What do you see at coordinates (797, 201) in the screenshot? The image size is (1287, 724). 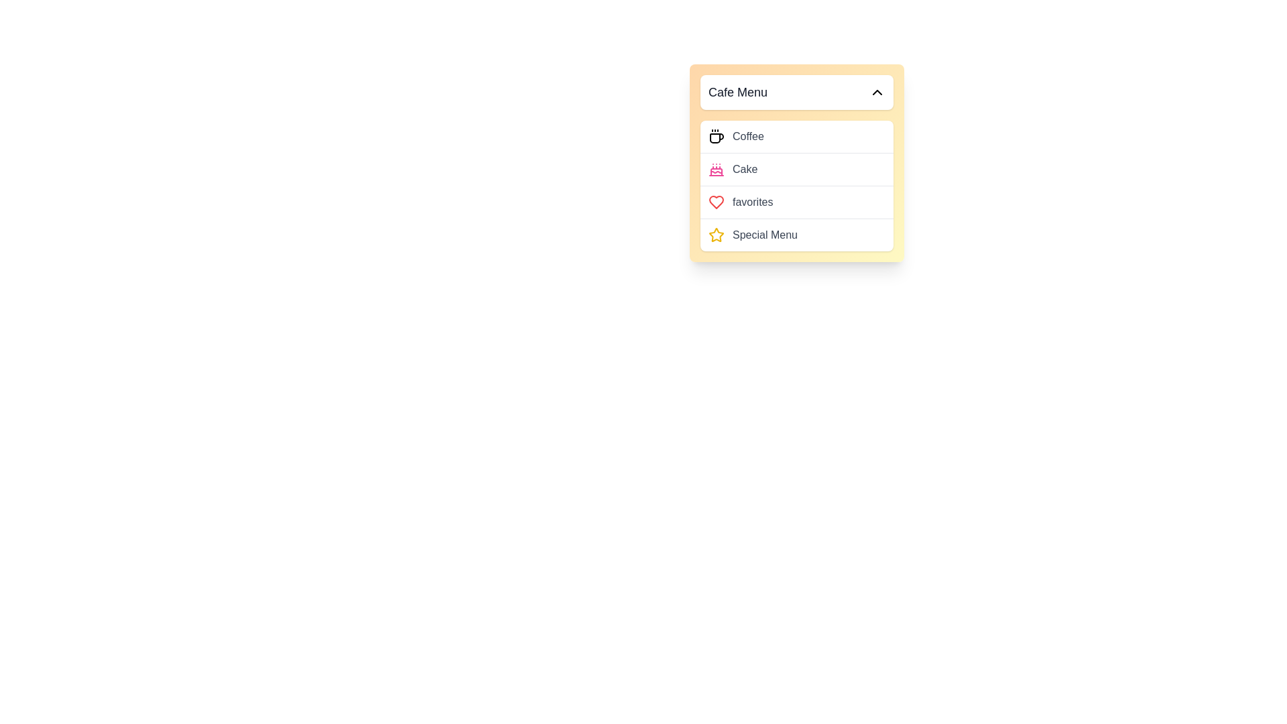 I see `the 'favorites' menu item with a red heart icon` at bounding box center [797, 201].